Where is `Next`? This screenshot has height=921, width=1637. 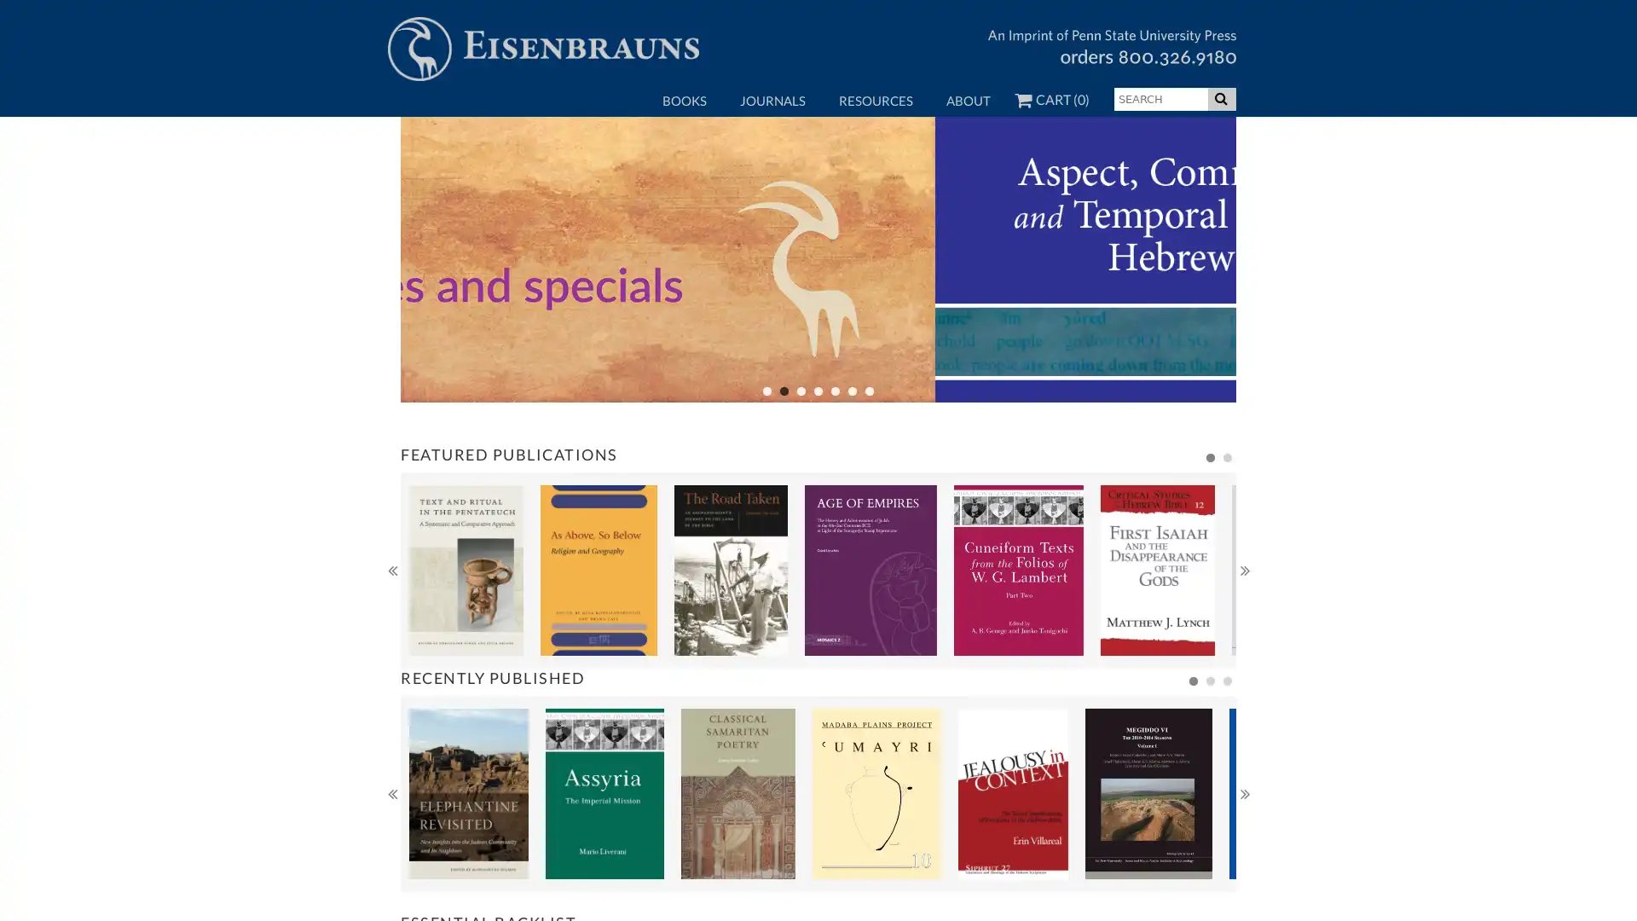
Next is located at coordinates (1244, 858).